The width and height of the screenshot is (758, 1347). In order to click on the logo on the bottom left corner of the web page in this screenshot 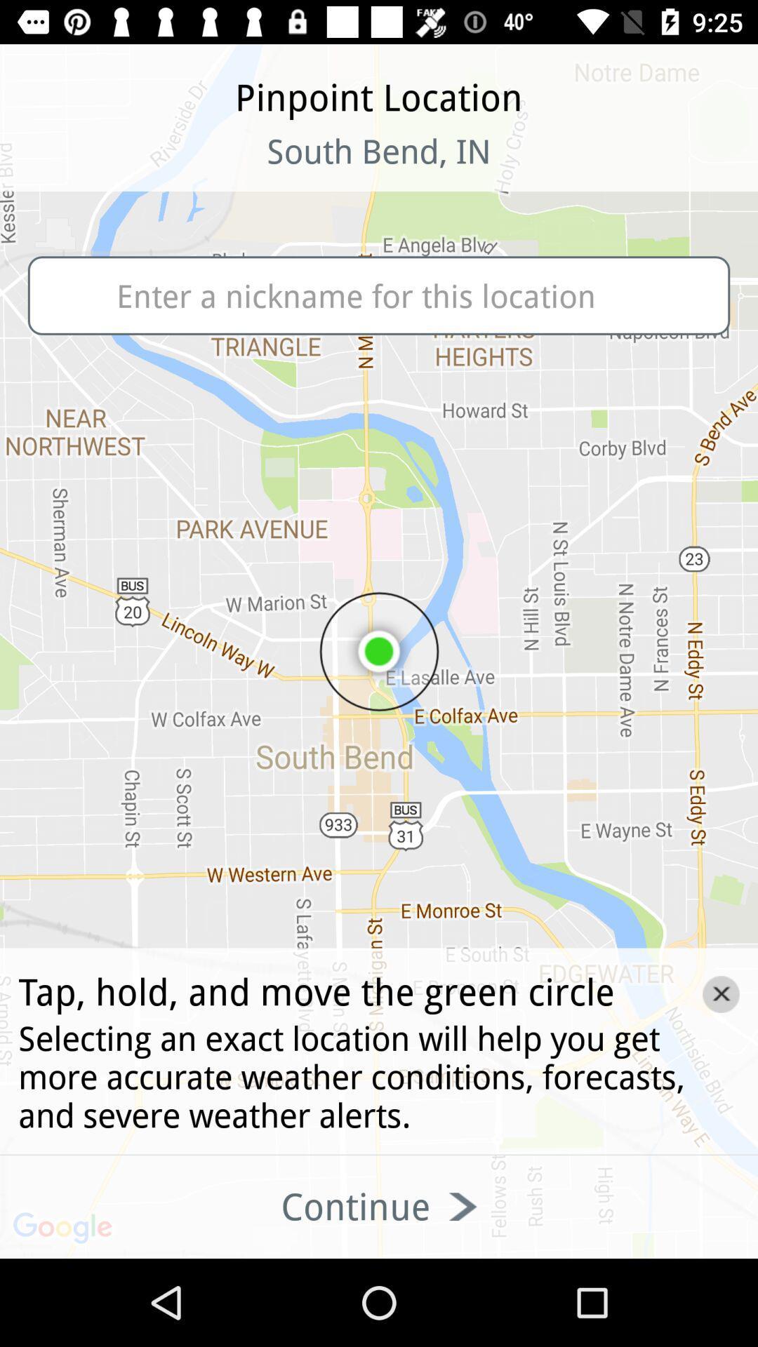, I will do `click(65, 1228)`.